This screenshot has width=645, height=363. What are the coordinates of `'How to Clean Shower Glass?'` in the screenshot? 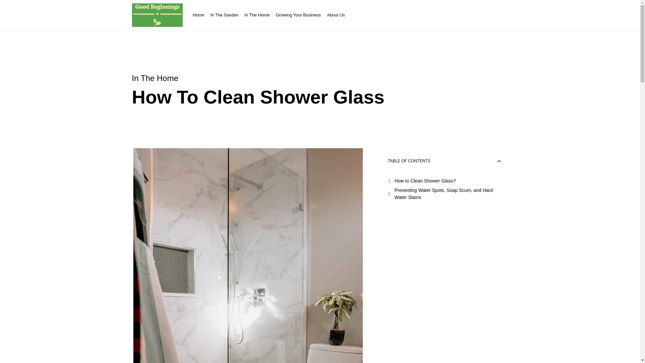 It's located at (425, 180).